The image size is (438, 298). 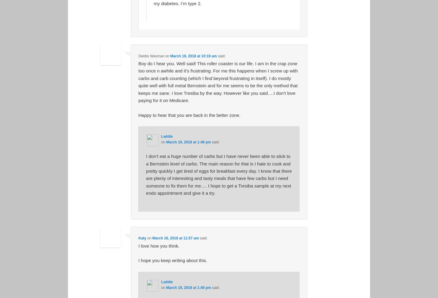 I want to click on 'I don’t eat a huge number of carbs but I have never been able to stick to a Bernstein level of carbs. The main reason for that is I hate to cook and pretty quickly I get tired of eggs for breakfast every day. I know that there are plenty of interesting and tasty meals that have few carbs but I need someone to fix them for me…. I hope to get a Tresiba sample at my next endo appointment and give it a try.', so click(x=145, y=174).